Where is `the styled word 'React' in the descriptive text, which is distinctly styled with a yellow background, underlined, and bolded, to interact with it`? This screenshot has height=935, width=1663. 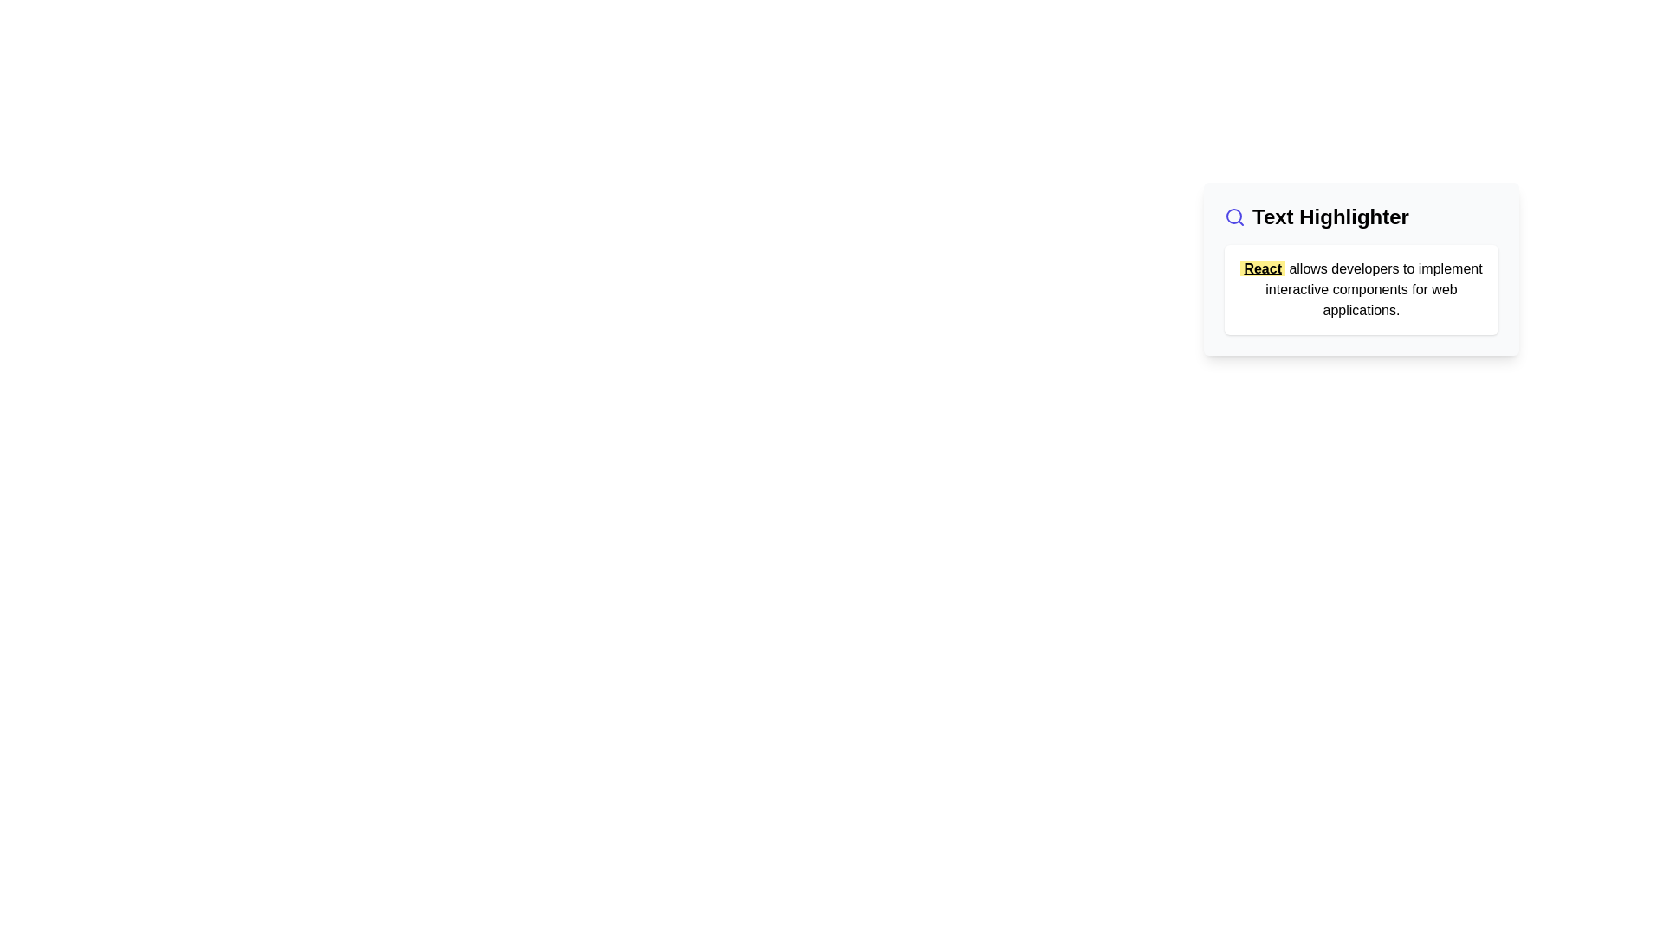
the styled word 'React' in the descriptive text, which is distinctly styled with a yellow background, underlined, and bolded, to interact with it is located at coordinates (1360, 288).